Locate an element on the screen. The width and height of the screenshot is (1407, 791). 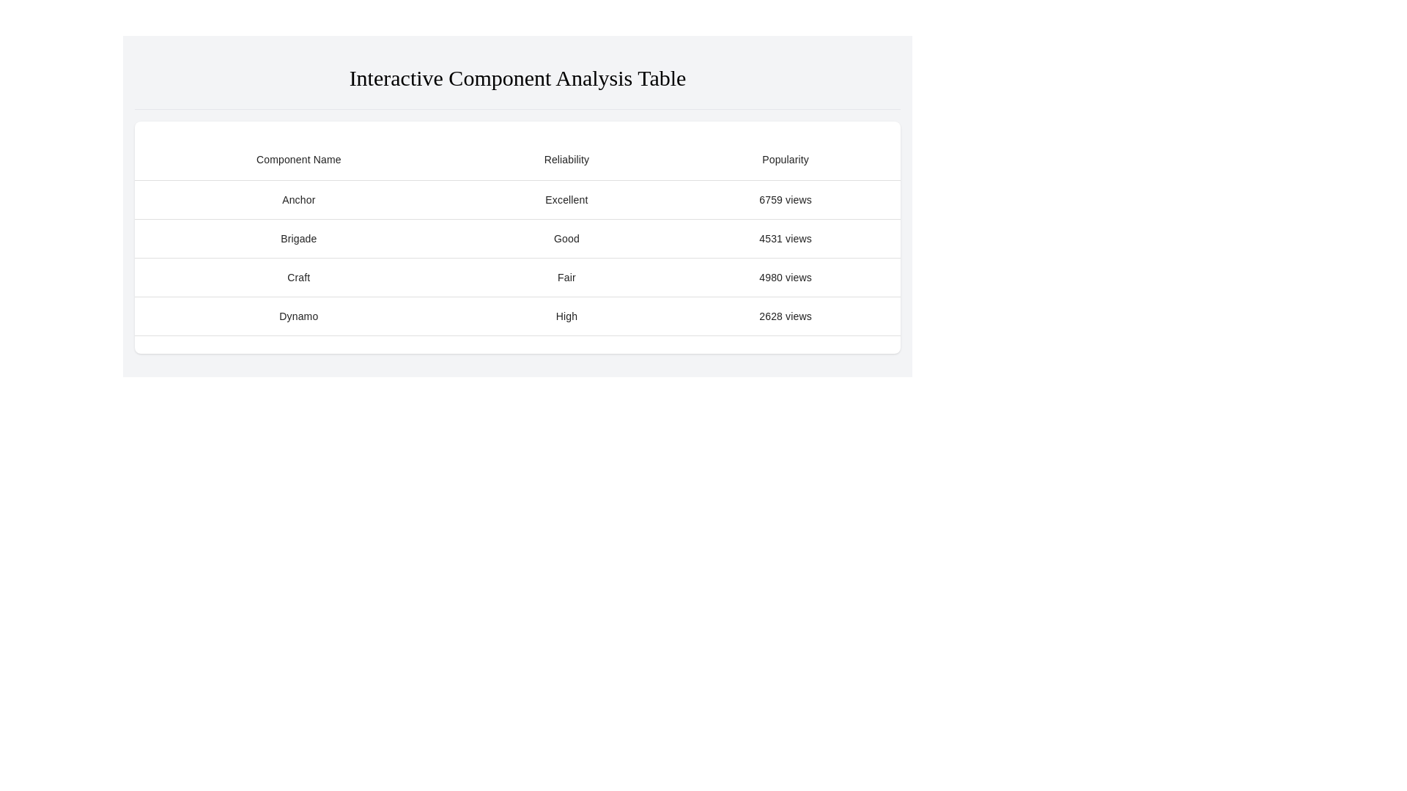
the Text Element that displays the reliability rating of the 'Anchor' item, located in the second column of the first data row of the table, directly below the 'Reliability' header is located at coordinates (566, 200).